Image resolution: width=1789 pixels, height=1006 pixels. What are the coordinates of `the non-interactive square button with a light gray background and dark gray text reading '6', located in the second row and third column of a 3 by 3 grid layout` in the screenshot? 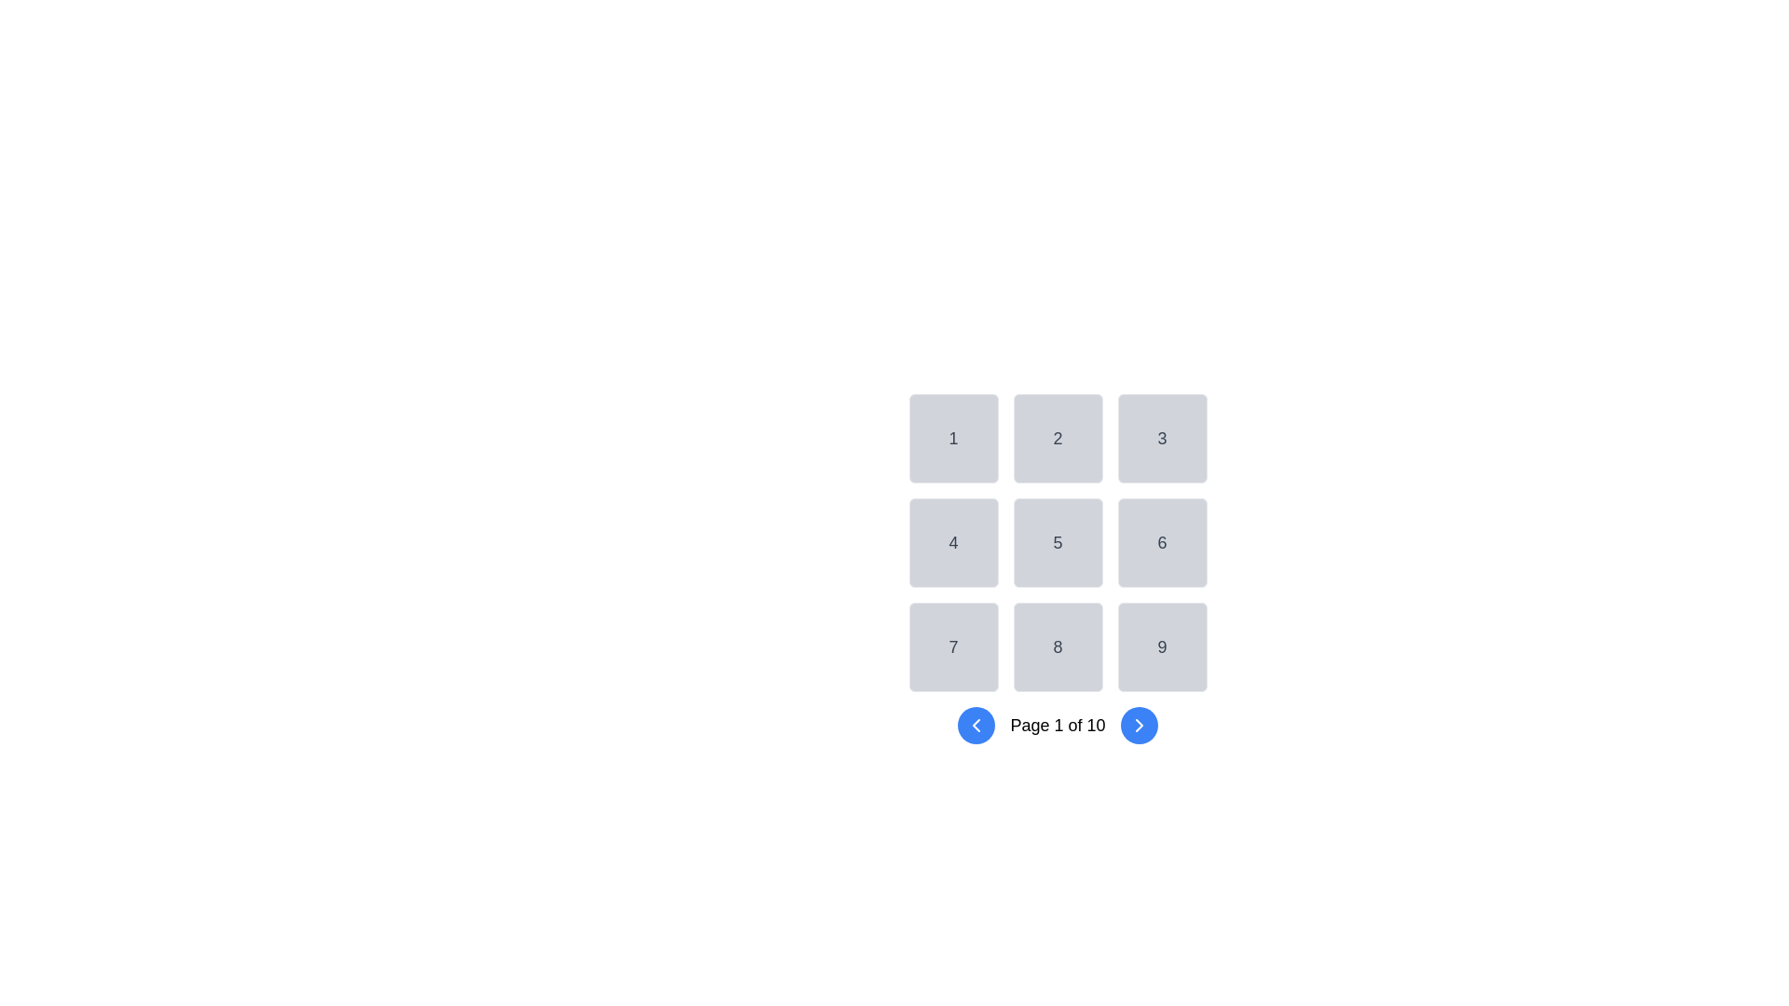 It's located at (1161, 542).